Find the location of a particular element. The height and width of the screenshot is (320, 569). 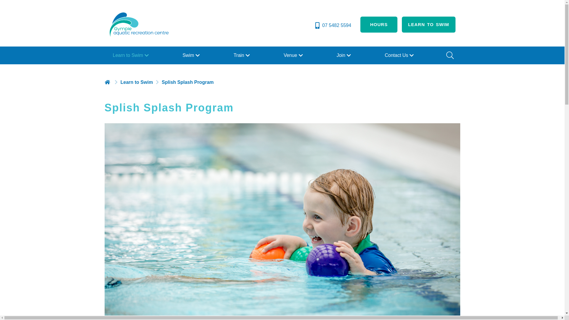

'Join' is located at coordinates (344, 55).